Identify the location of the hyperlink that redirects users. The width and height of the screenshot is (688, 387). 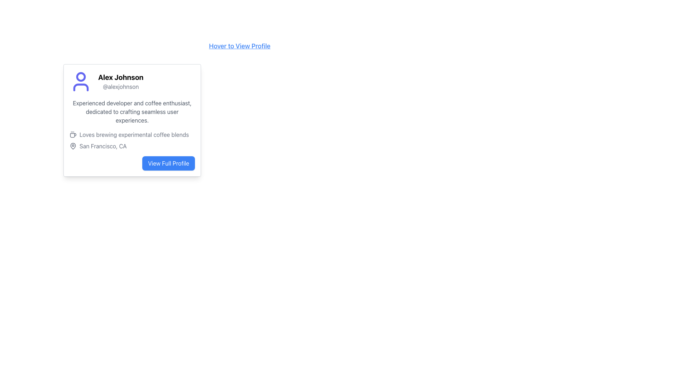
(239, 46).